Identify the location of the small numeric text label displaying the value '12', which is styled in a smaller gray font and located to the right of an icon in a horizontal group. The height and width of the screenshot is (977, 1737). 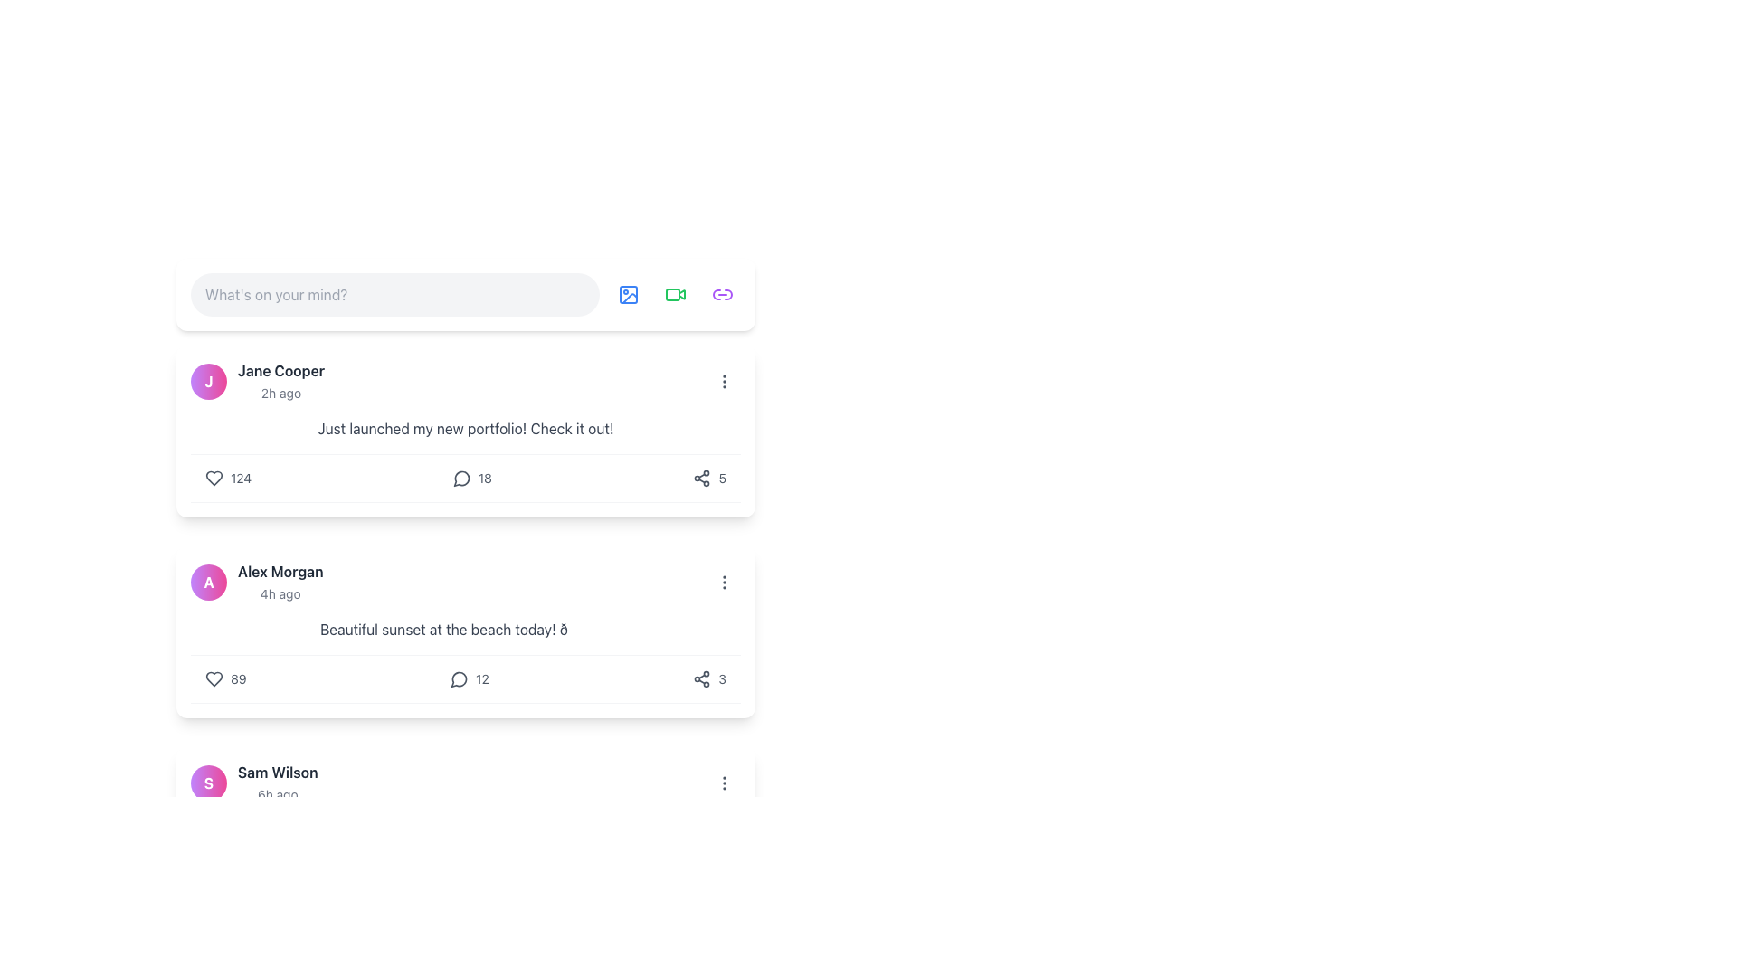
(482, 679).